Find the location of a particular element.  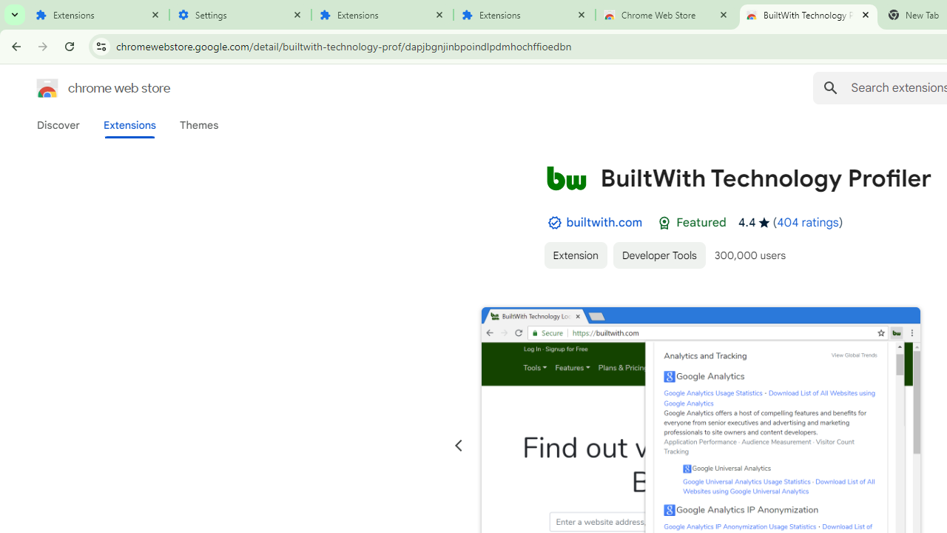

'Themes' is located at coordinates (198, 124).